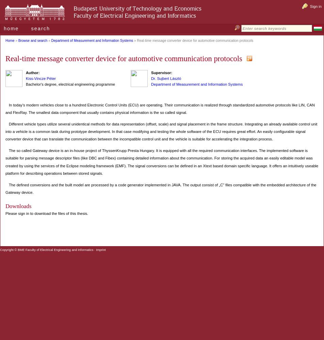 This screenshot has width=324, height=340. I want to click on 'Browse and search', so click(32, 40).